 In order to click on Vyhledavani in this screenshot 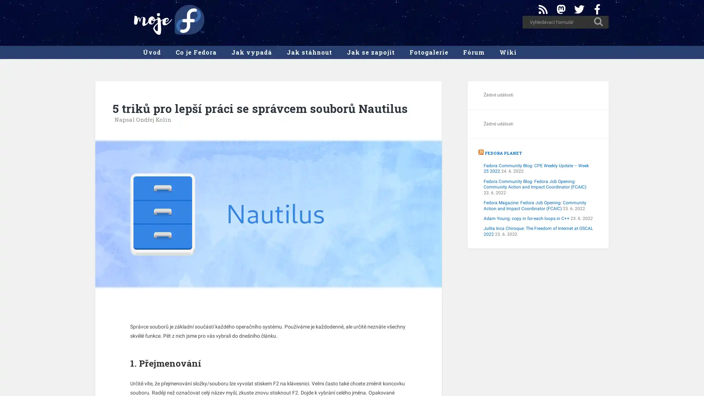, I will do `click(598, 21)`.